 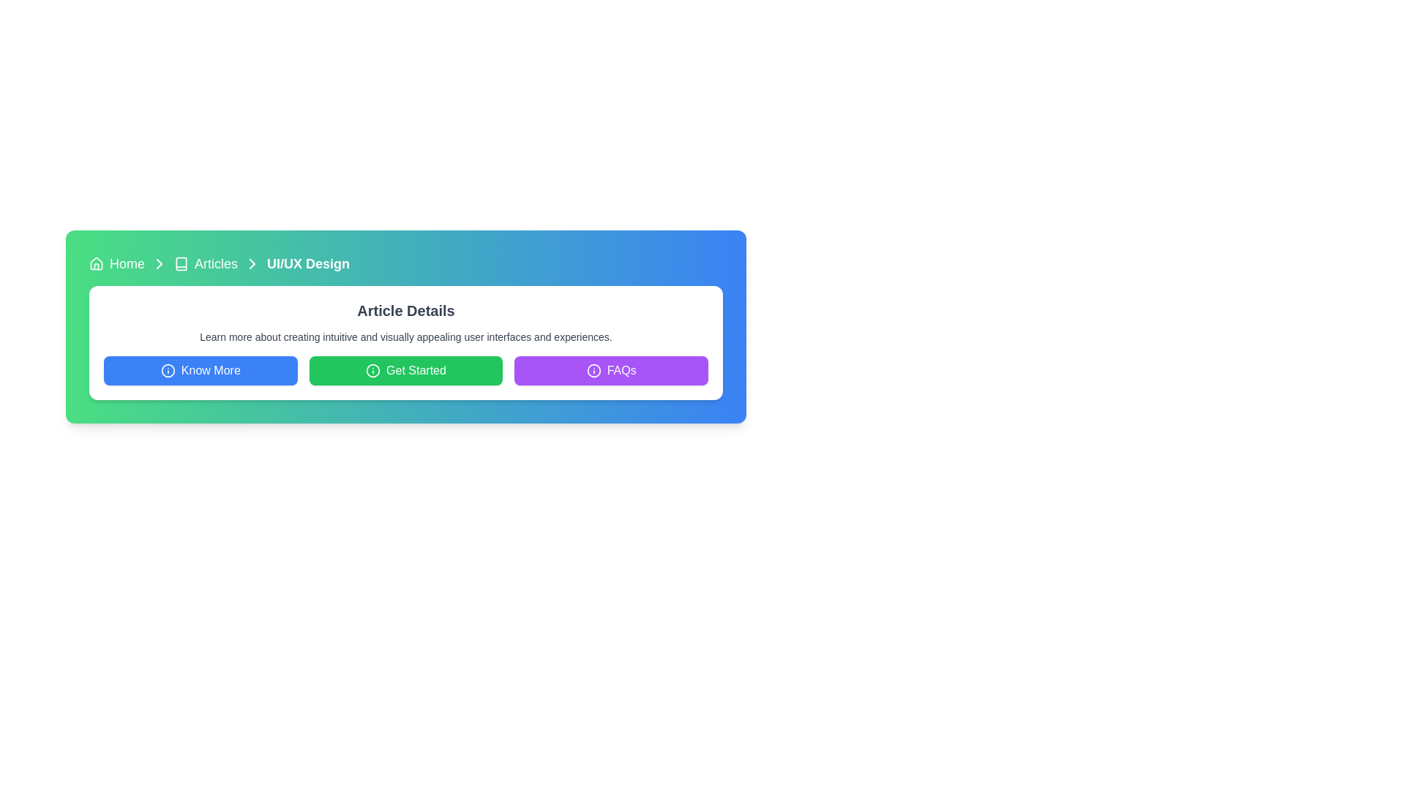 What do you see at coordinates (406, 337) in the screenshot?
I see `the static informational text located immediately below the heading 'Article Details' and above the buttons 'Know More,' 'Get Started,' and 'FAQs.'` at bounding box center [406, 337].